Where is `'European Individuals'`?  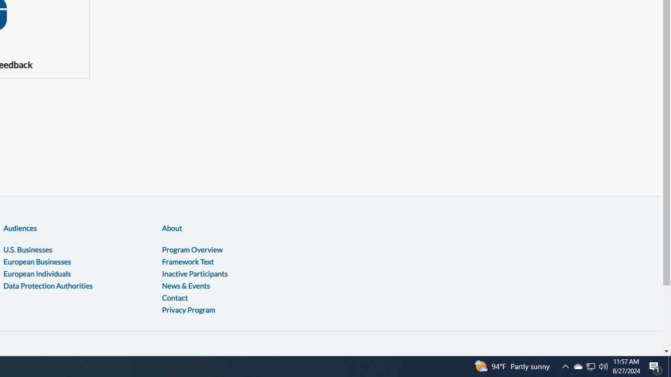 'European Individuals' is located at coordinates (37, 273).